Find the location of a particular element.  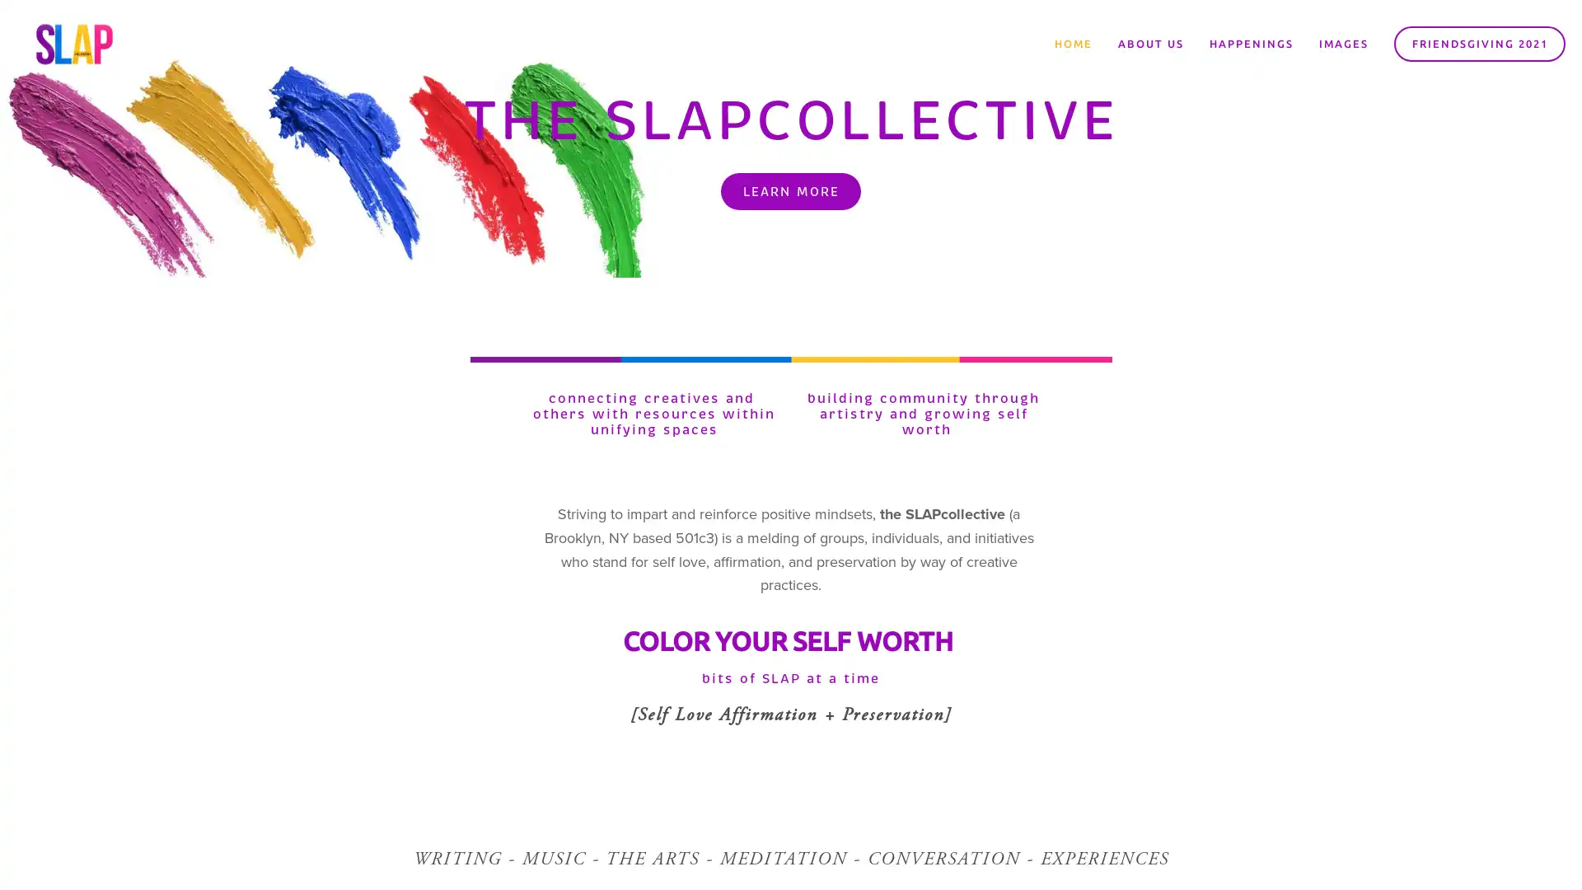

Close is located at coordinates (1034, 255).